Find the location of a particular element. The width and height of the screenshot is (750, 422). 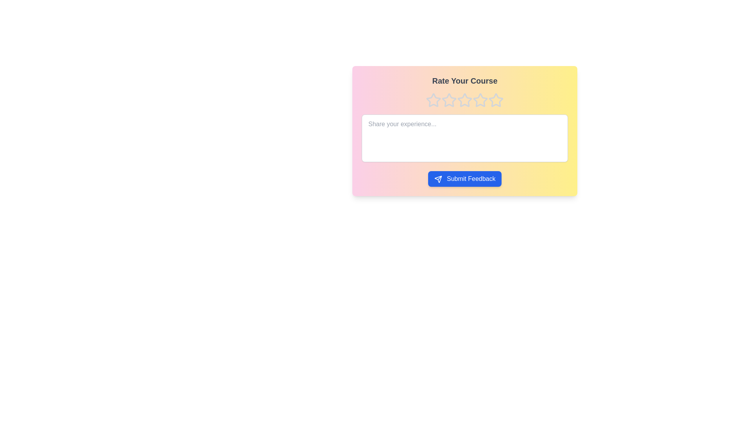

on the third star icon in the rating system, which is styled in grey and is part of a horizontal arrangement of five stars is located at coordinates (465, 100).